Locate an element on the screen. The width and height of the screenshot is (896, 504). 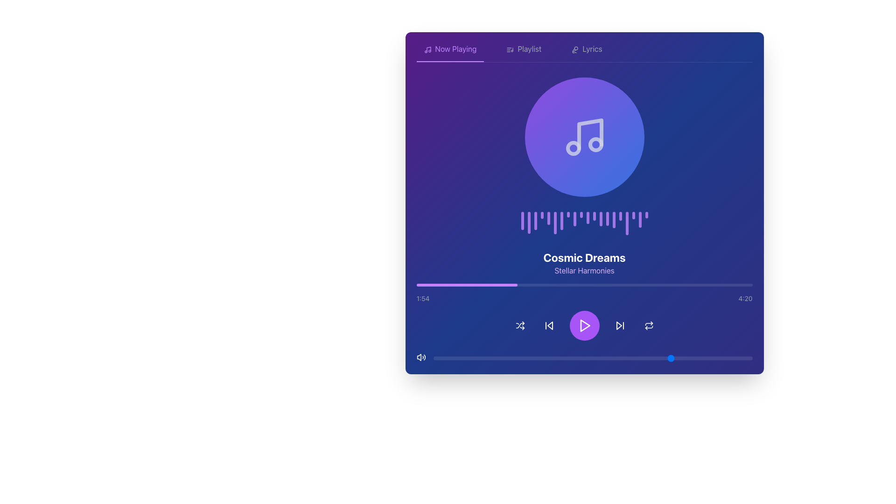
the 'Lyrics' clickable text on the horizontal navigation bar using keyboard navigation is located at coordinates (586, 52).